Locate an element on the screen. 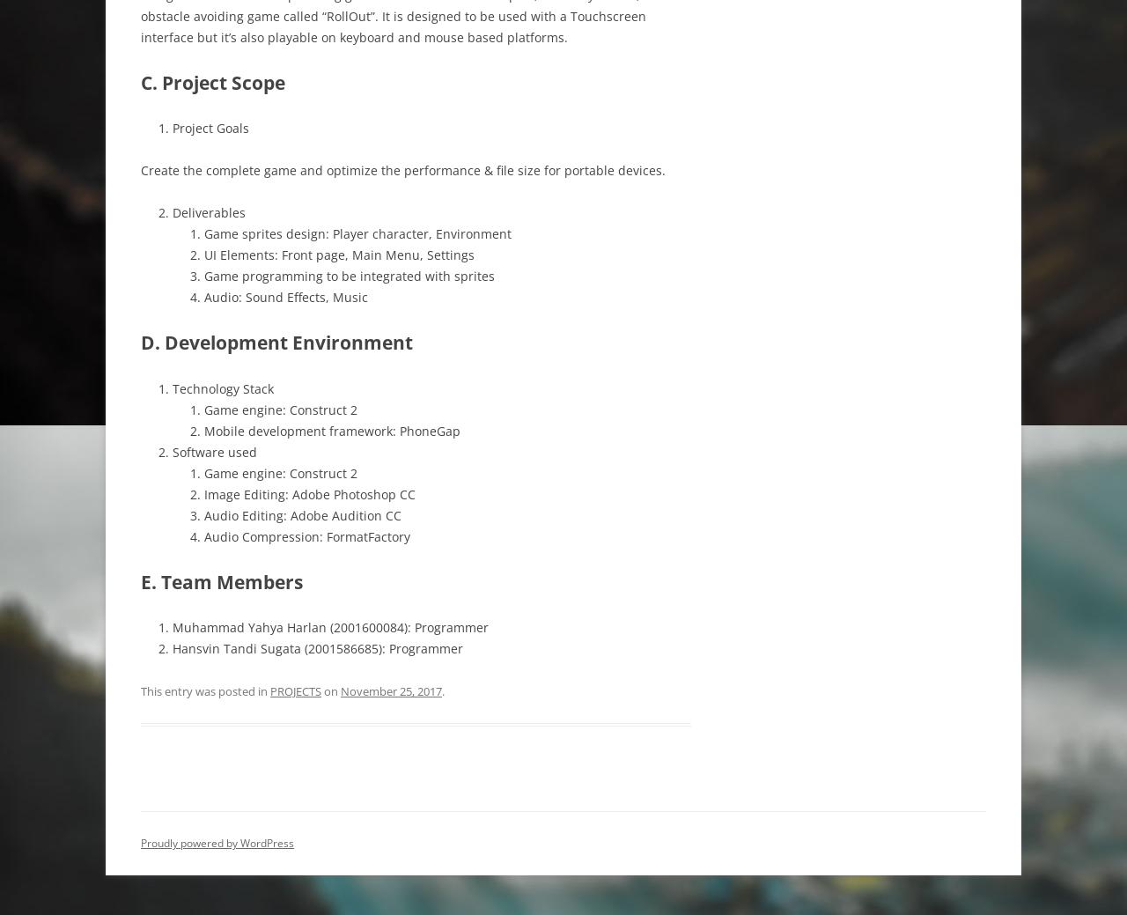 The height and width of the screenshot is (915, 1127). '.' is located at coordinates (443, 690).